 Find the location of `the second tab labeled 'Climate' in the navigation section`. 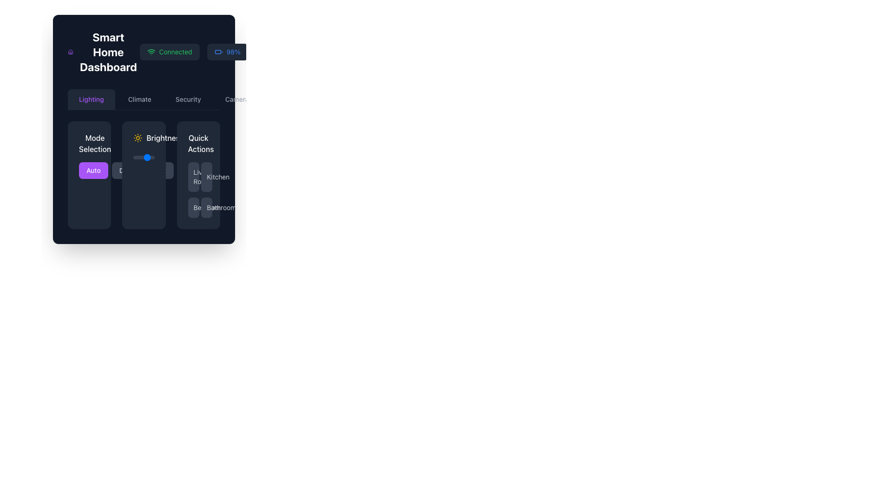

the second tab labeled 'Climate' in the navigation section is located at coordinates (139, 99).